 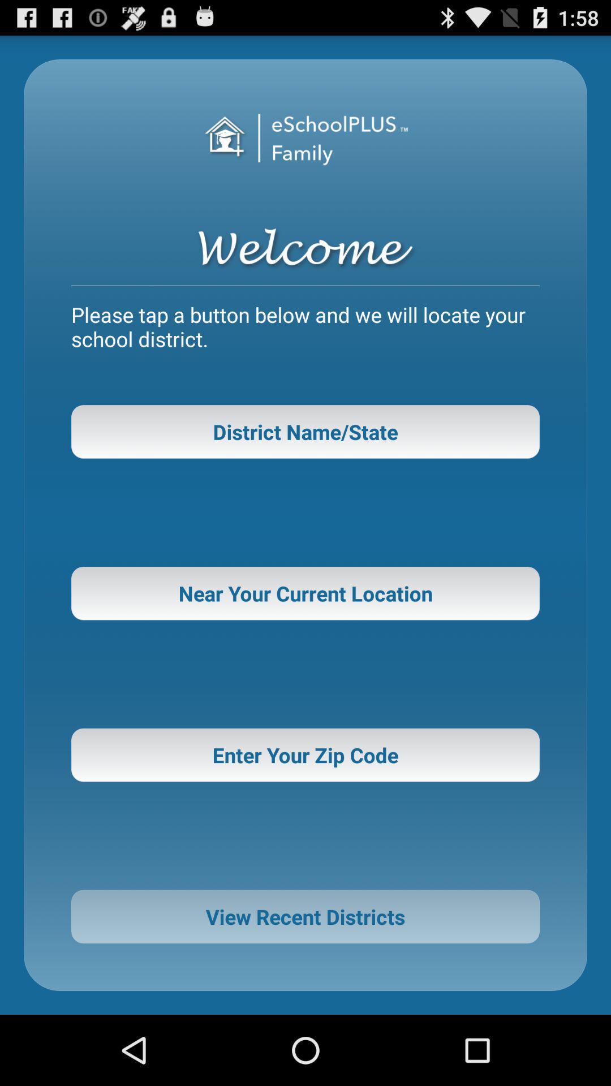 What do you see at coordinates (305, 593) in the screenshot?
I see `near your current icon` at bounding box center [305, 593].